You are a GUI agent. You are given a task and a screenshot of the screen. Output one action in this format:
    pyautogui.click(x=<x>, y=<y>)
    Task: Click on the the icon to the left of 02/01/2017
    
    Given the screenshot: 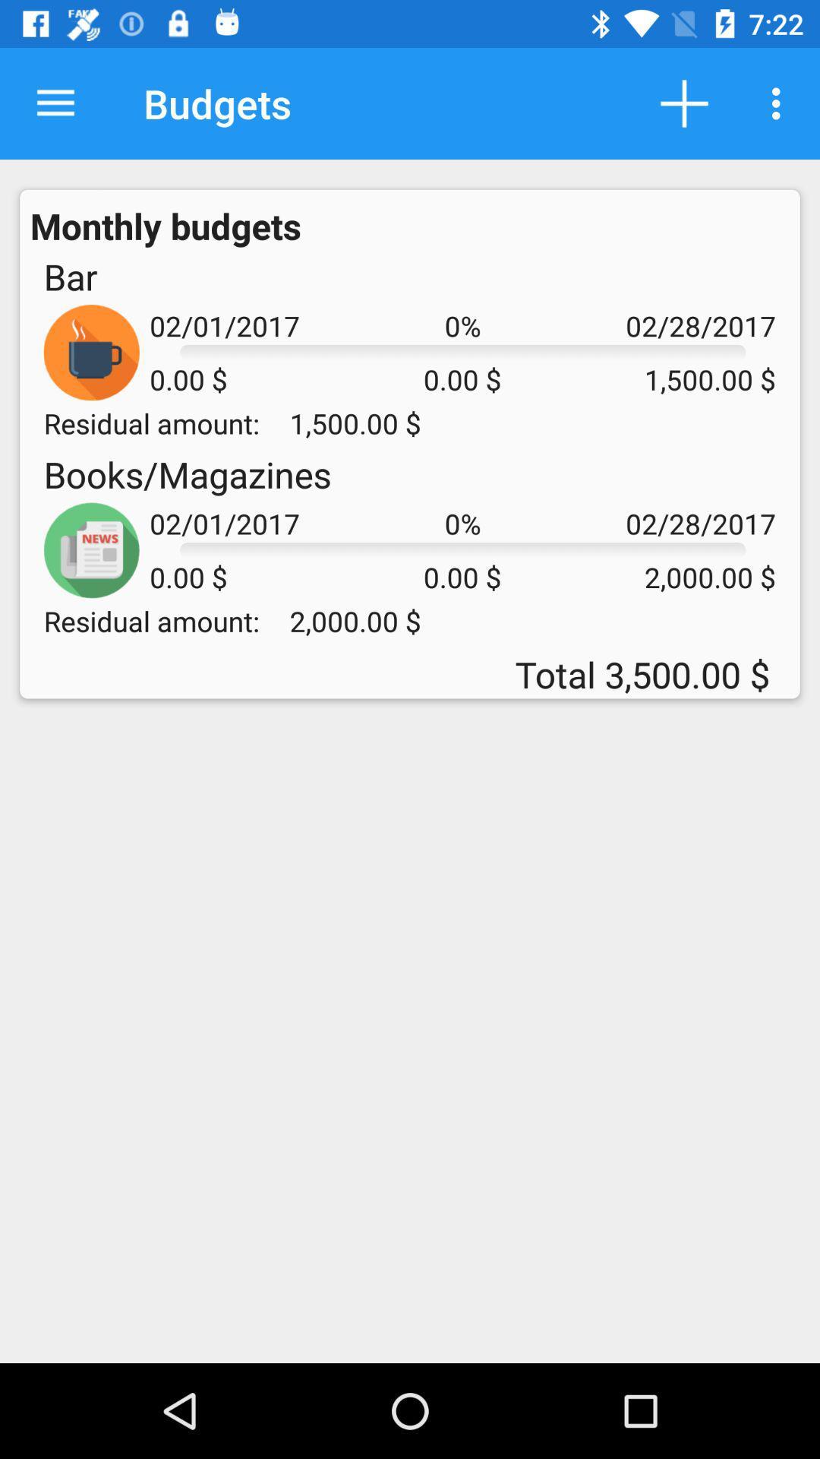 What is the action you would take?
    pyautogui.click(x=70, y=277)
    